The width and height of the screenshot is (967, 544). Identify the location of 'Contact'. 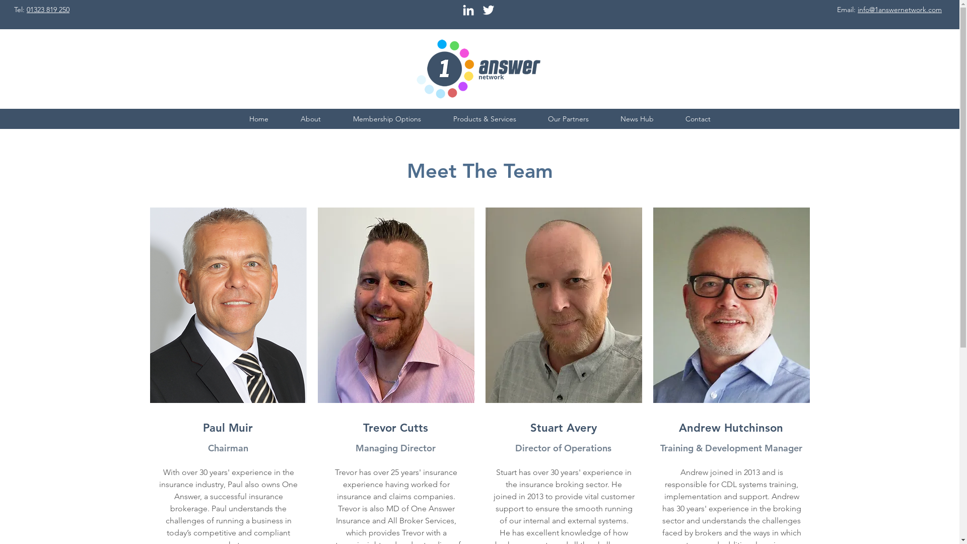
(698, 118).